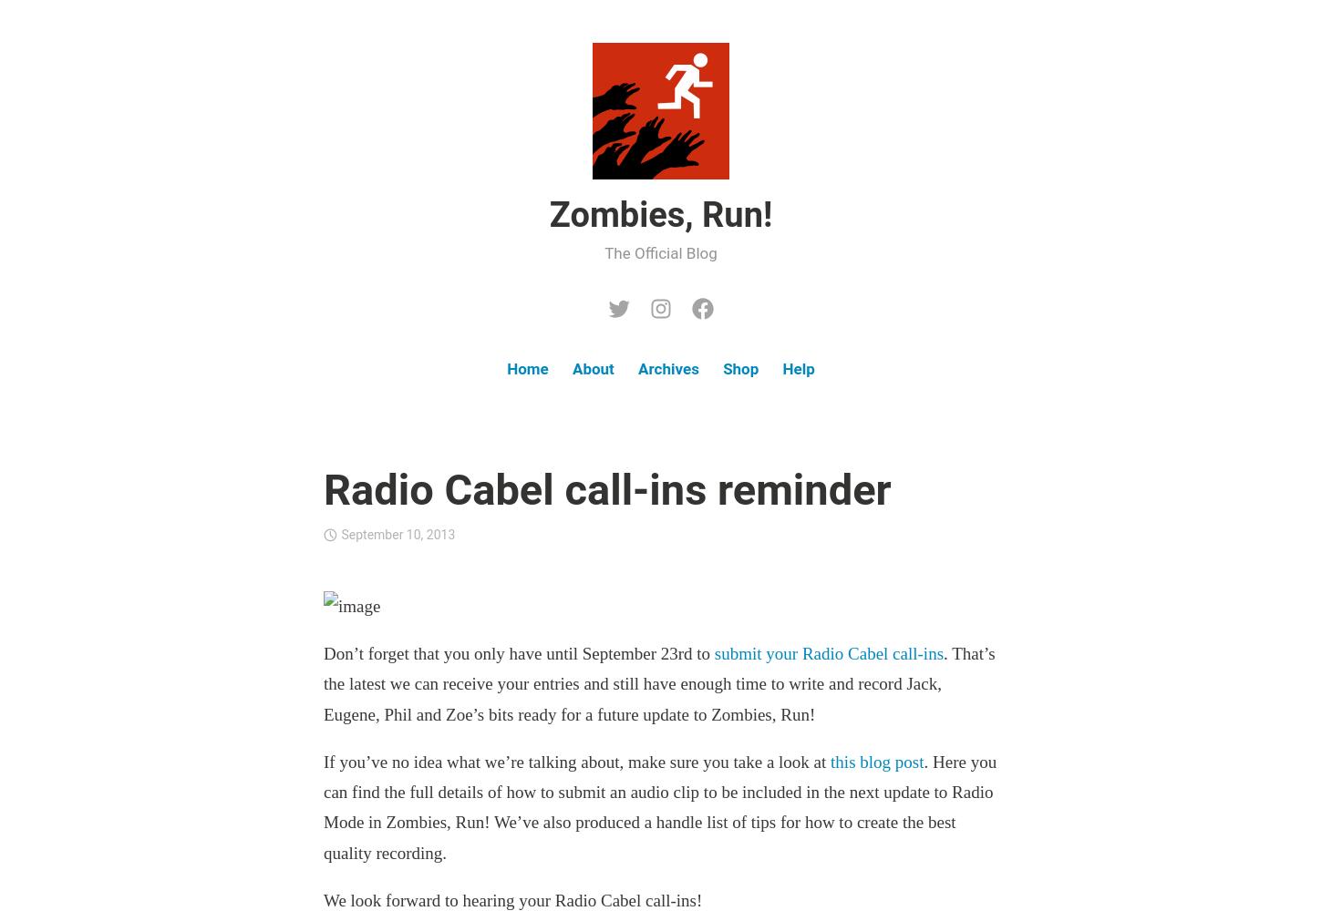 The width and height of the screenshot is (1322, 911). I want to click on 'We look forward to hearing your Radio Cabel call-ins!', so click(512, 898).